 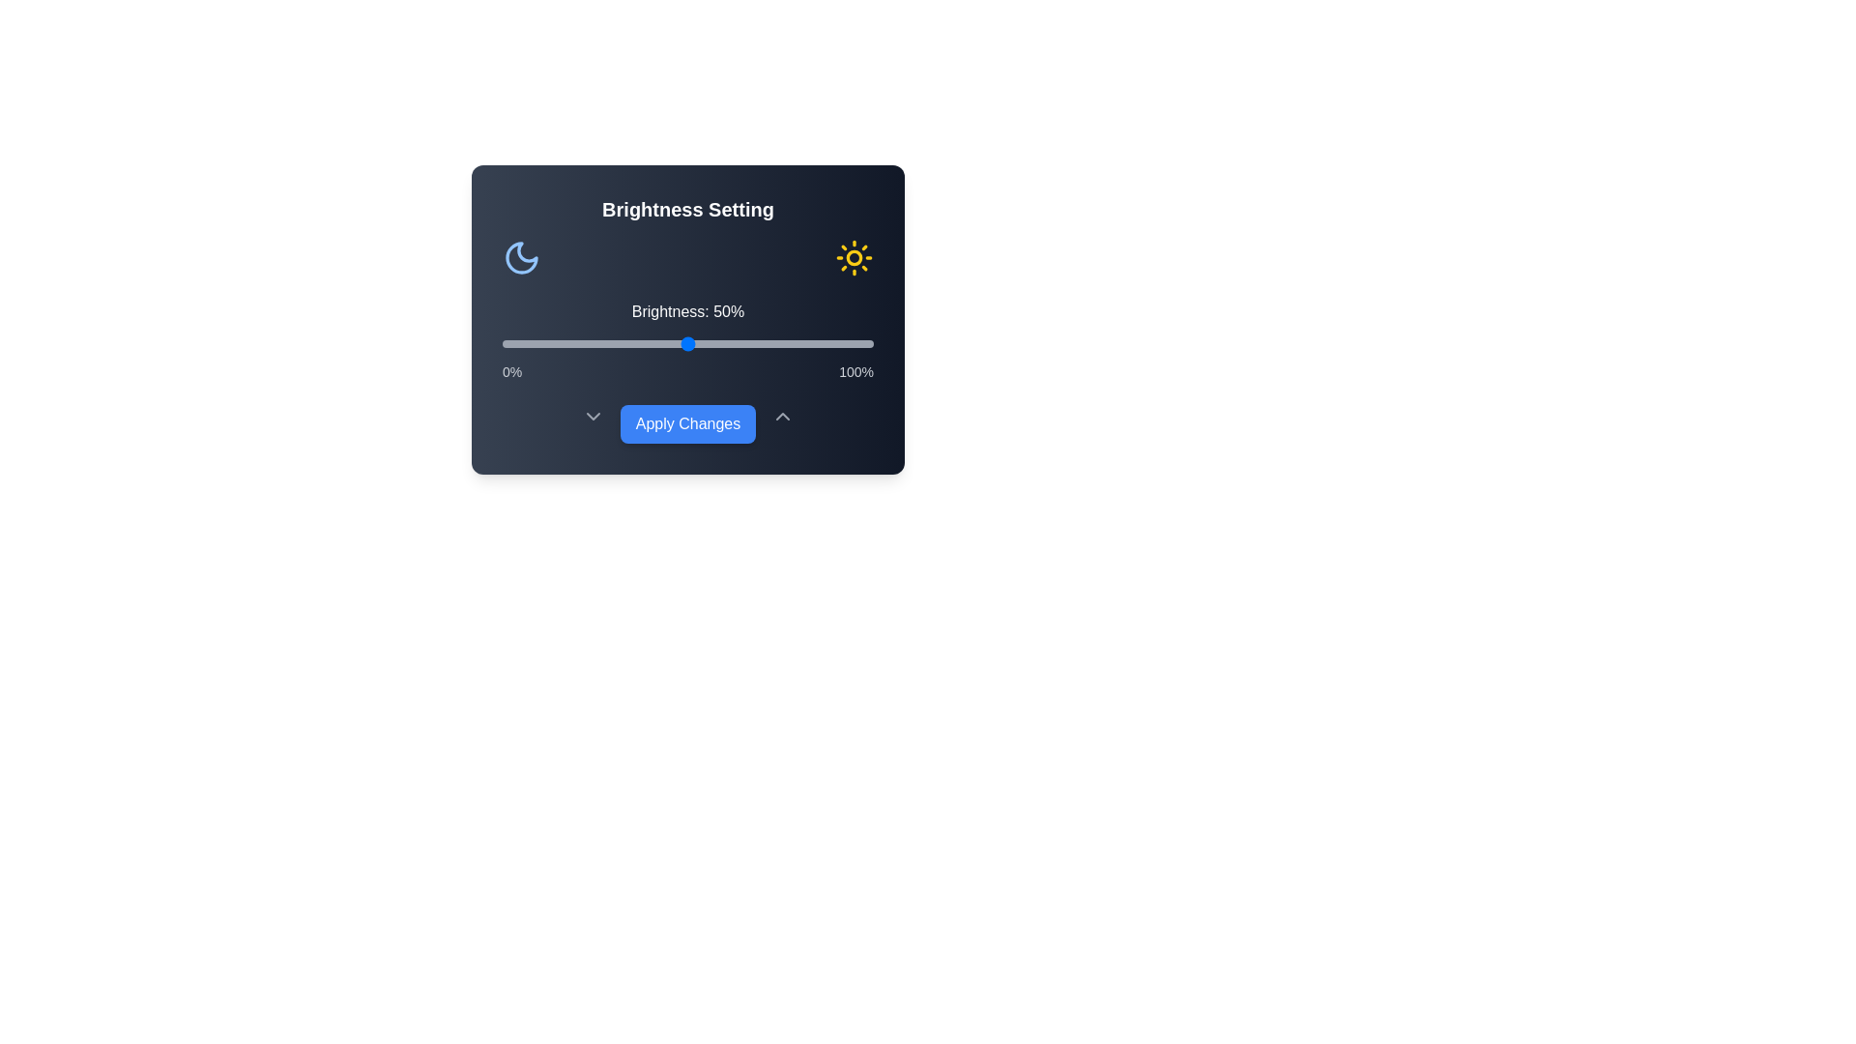 I want to click on 'Apply Changes' button to save the settings, so click(x=687, y=423).